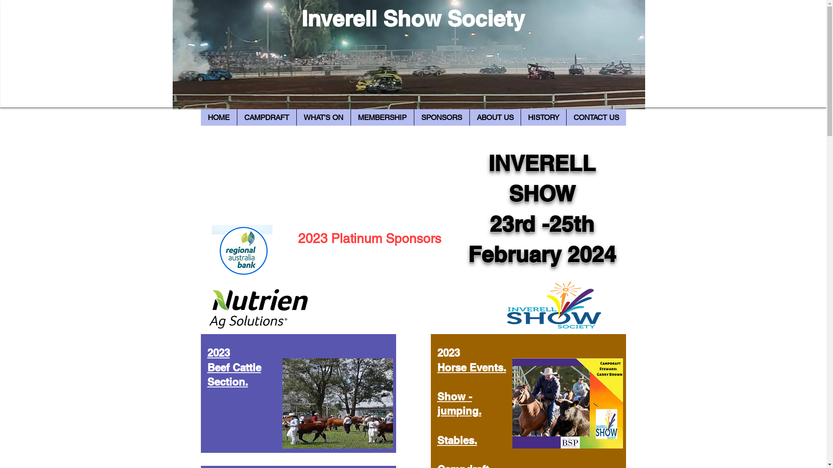 The image size is (833, 468). I want to click on 'MEMBERSHIP', so click(382, 117).